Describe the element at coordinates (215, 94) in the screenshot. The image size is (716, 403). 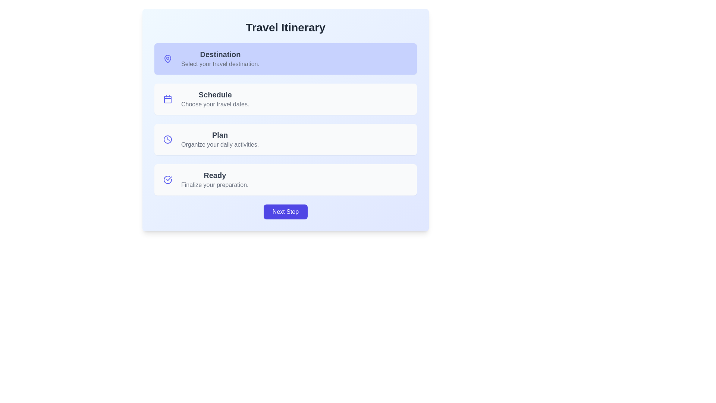
I see `the text label that indicates the scheduling options for travel dates, located in the second card between the 'Destination' and 'Plan' sections` at that location.